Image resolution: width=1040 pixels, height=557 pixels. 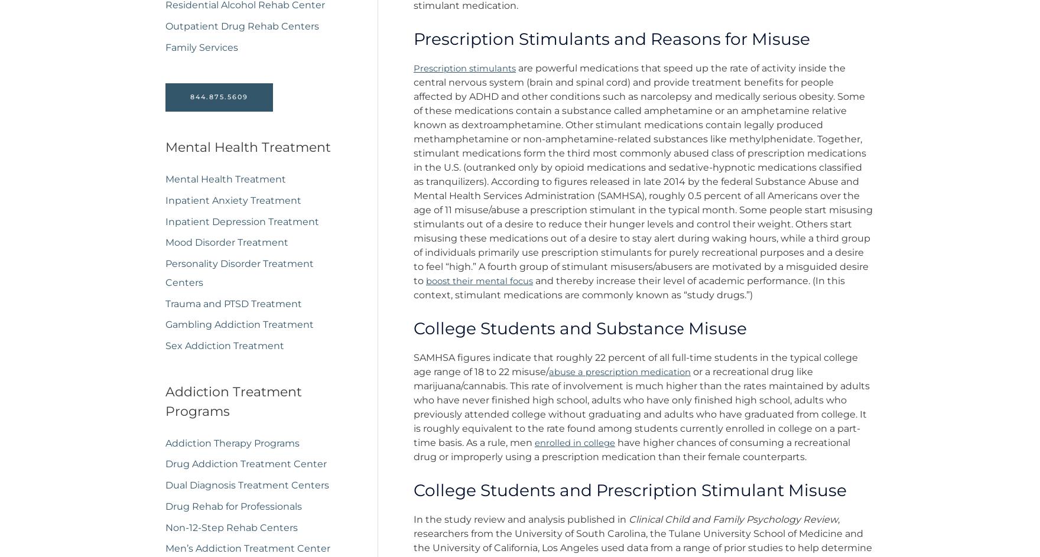 What do you see at coordinates (201, 49) in the screenshot?
I see `'Family Services'` at bounding box center [201, 49].